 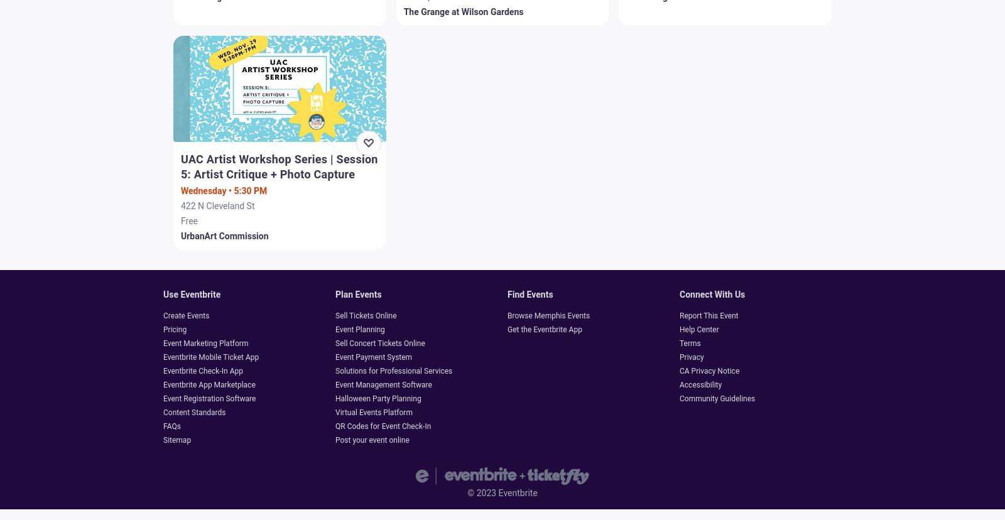 I want to click on 'Free', so click(x=189, y=220).